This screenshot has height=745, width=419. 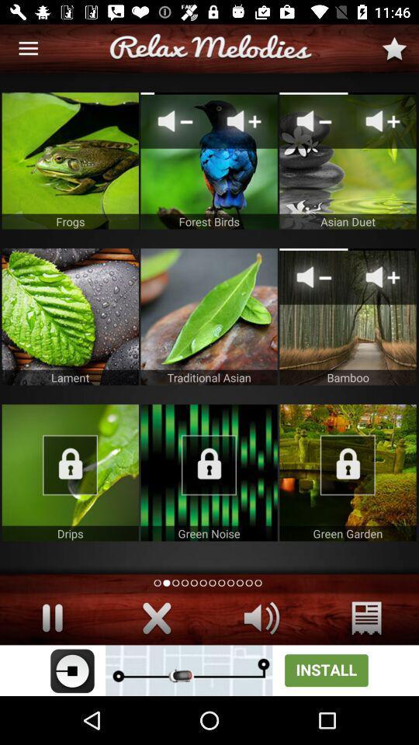 What do you see at coordinates (69, 316) in the screenshot?
I see `open selected item` at bounding box center [69, 316].